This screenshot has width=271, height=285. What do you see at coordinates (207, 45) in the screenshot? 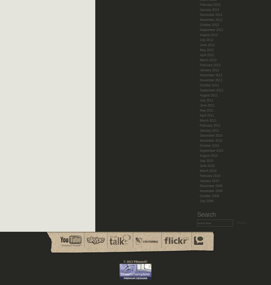
I see `'June 2012'` at bounding box center [207, 45].